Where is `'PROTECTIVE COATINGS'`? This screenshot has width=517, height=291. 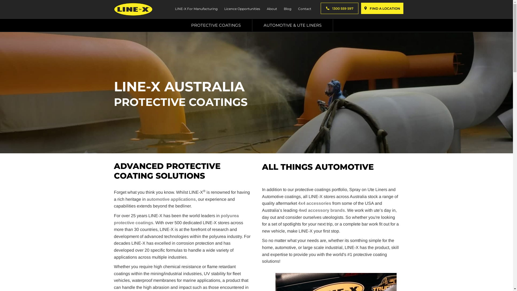 'PROTECTIVE COATINGS' is located at coordinates (216, 25).